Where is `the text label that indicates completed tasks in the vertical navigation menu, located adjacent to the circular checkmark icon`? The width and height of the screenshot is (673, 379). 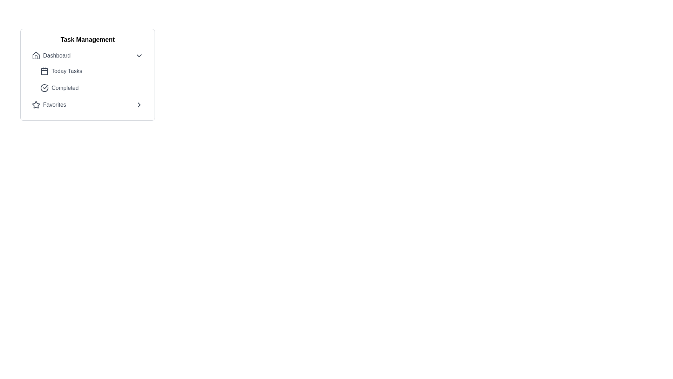
the text label that indicates completed tasks in the vertical navigation menu, located adjacent to the circular checkmark icon is located at coordinates (65, 87).